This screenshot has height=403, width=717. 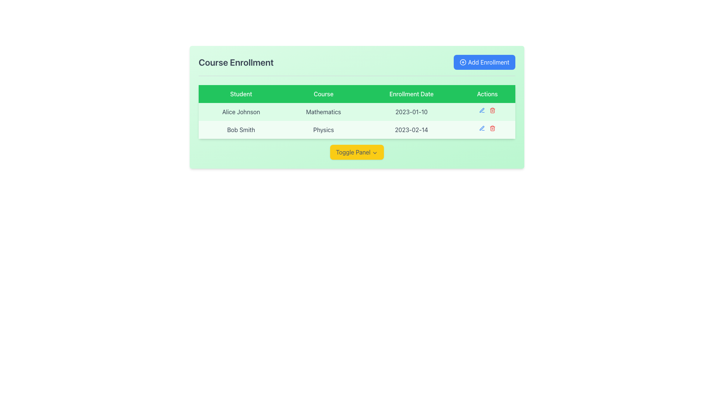 What do you see at coordinates (323, 129) in the screenshot?
I see `the 'Physics' text label located in the second row under the 'Course' column of the enrollment table` at bounding box center [323, 129].